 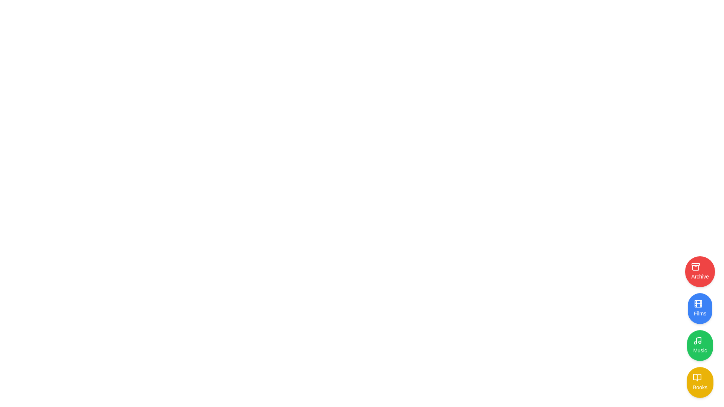 What do you see at coordinates (699, 346) in the screenshot?
I see `the 'Music' button located at the bottom-right corner of the interface, positioned between the 'Films' button and the 'Books' button, to trigger a visual scale animation` at bounding box center [699, 346].